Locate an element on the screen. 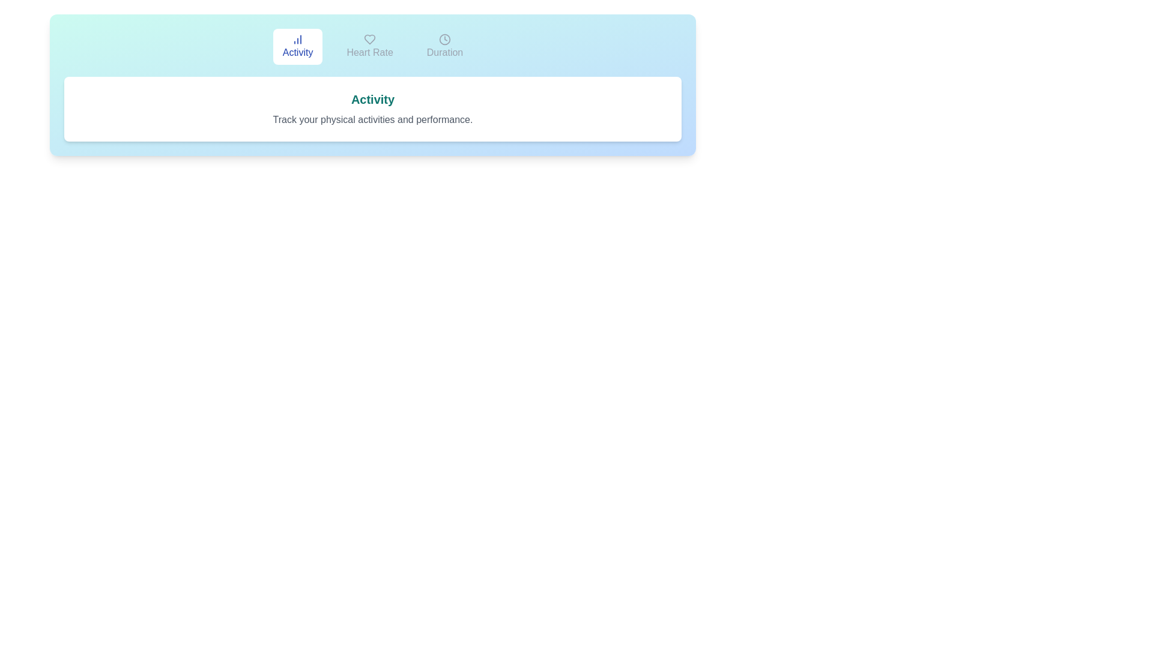 Image resolution: width=1153 pixels, height=648 pixels. the Heart Rate tab by clicking on it is located at coordinates (369, 46).